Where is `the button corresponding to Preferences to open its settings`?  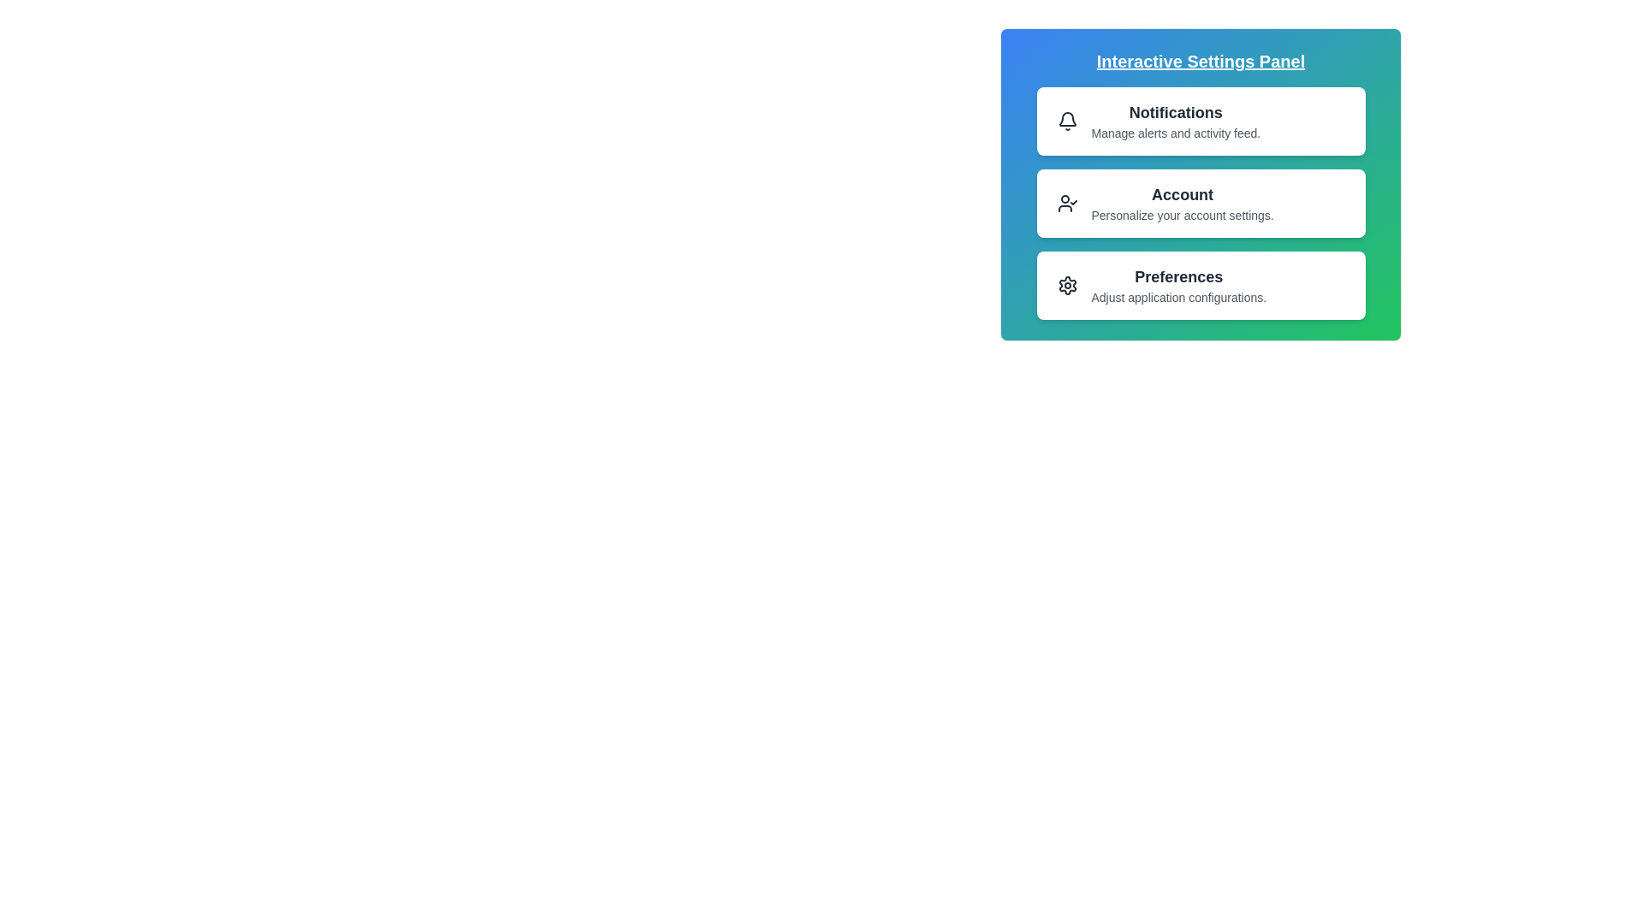
the button corresponding to Preferences to open its settings is located at coordinates (1200, 285).